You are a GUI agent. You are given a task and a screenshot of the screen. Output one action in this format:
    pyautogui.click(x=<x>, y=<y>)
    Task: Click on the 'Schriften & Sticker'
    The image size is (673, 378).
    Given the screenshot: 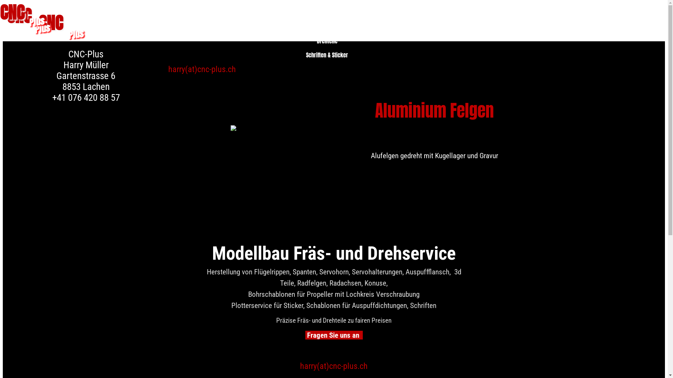 What is the action you would take?
    pyautogui.click(x=304, y=54)
    